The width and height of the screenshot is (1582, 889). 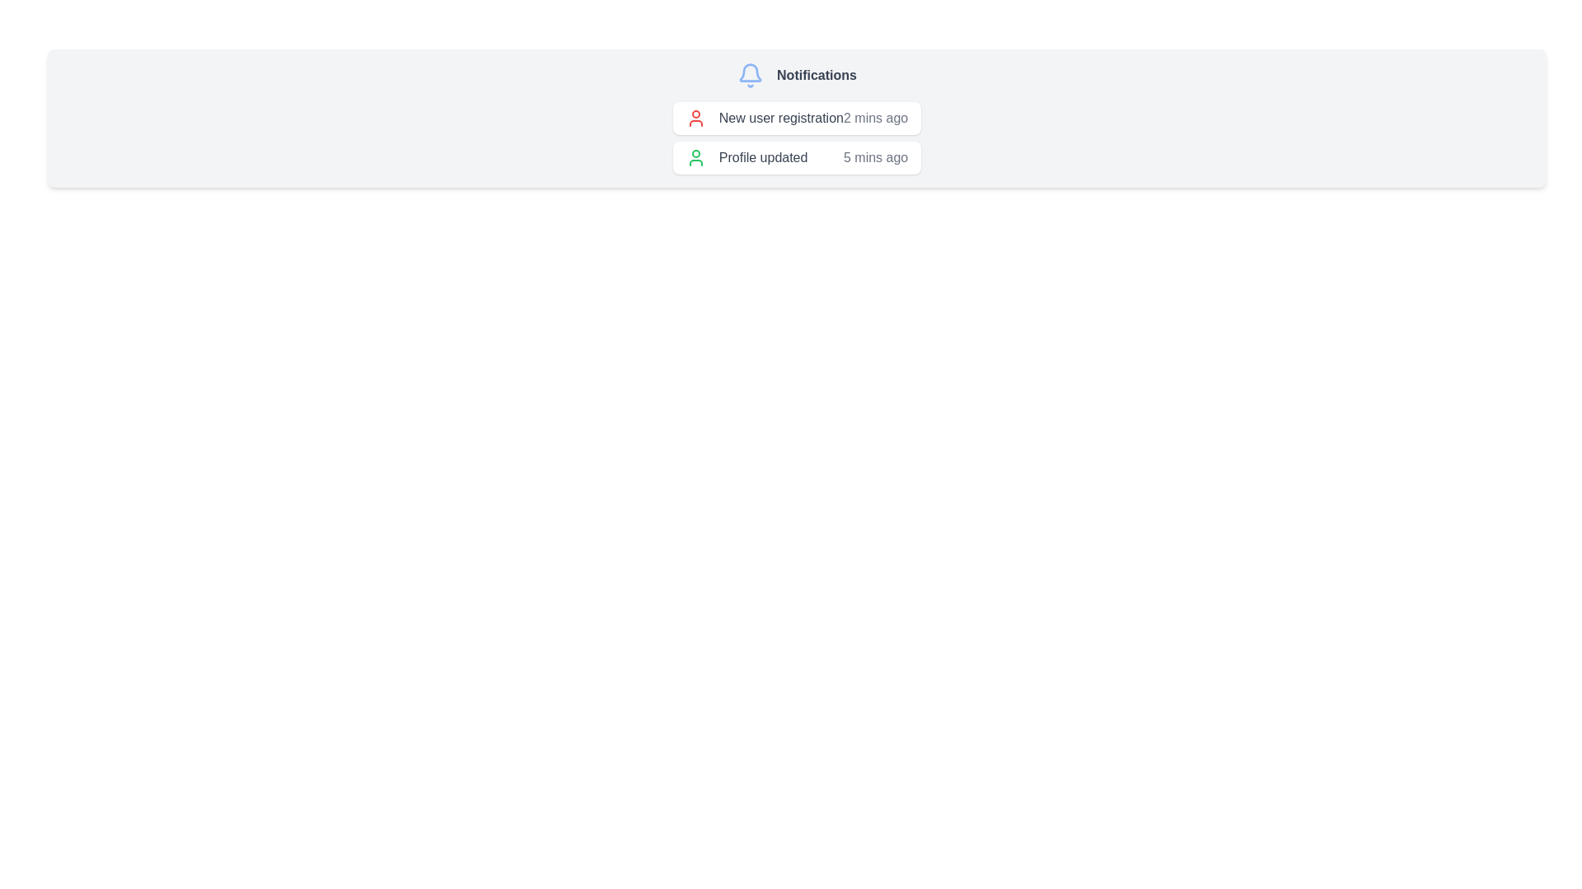 I want to click on the header element labeled 'Notifications' which contains a bell icon on the left side, so click(x=797, y=76).